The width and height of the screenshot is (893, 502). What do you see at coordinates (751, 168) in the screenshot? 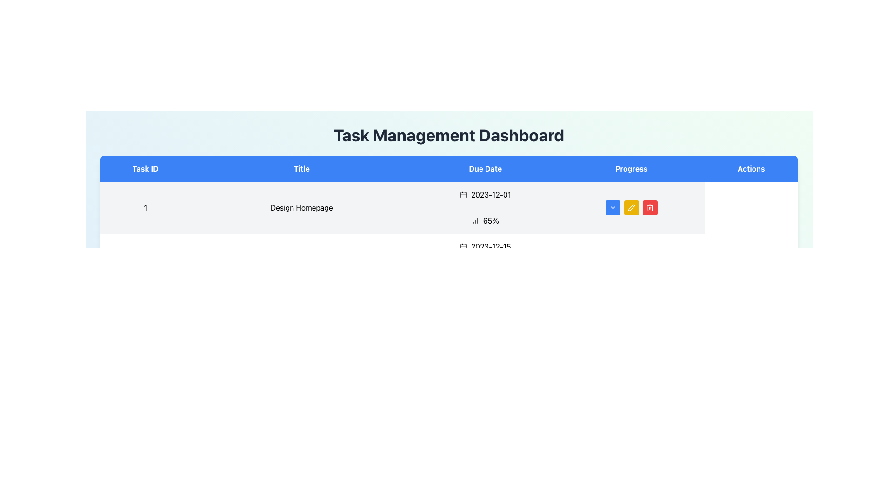
I see `the header label for the 'Actions' column, which is the fifth column in a grid or table, indicating actions related to tasks` at bounding box center [751, 168].